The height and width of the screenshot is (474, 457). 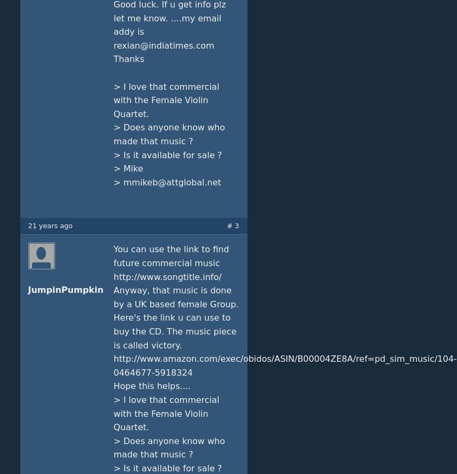 I want to click on '> mmikeb@attglobal.net', so click(x=166, y=182).